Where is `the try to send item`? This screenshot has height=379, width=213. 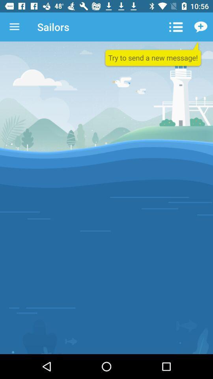 the try to send item is located at coordinates (153, 54).